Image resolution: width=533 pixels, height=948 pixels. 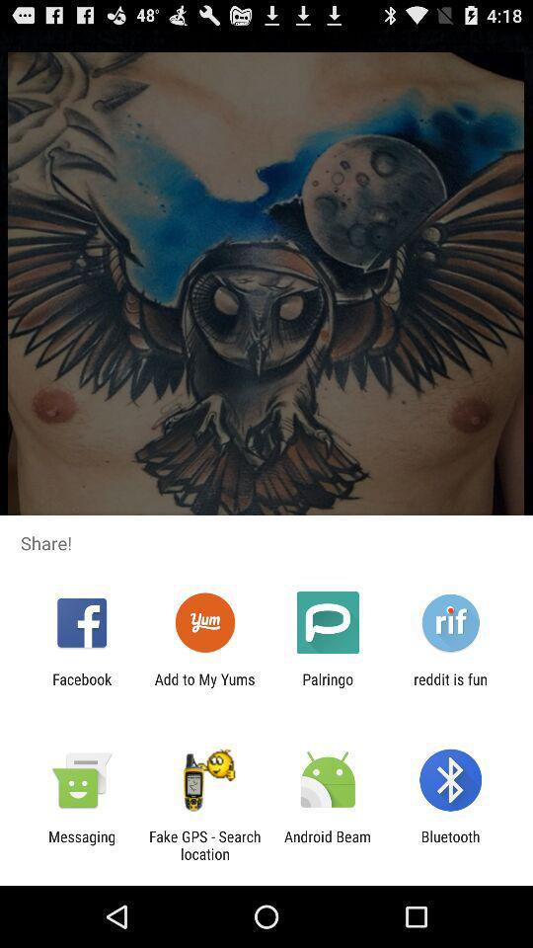 I want to click on fake gps search, so click(x=203, y=844).